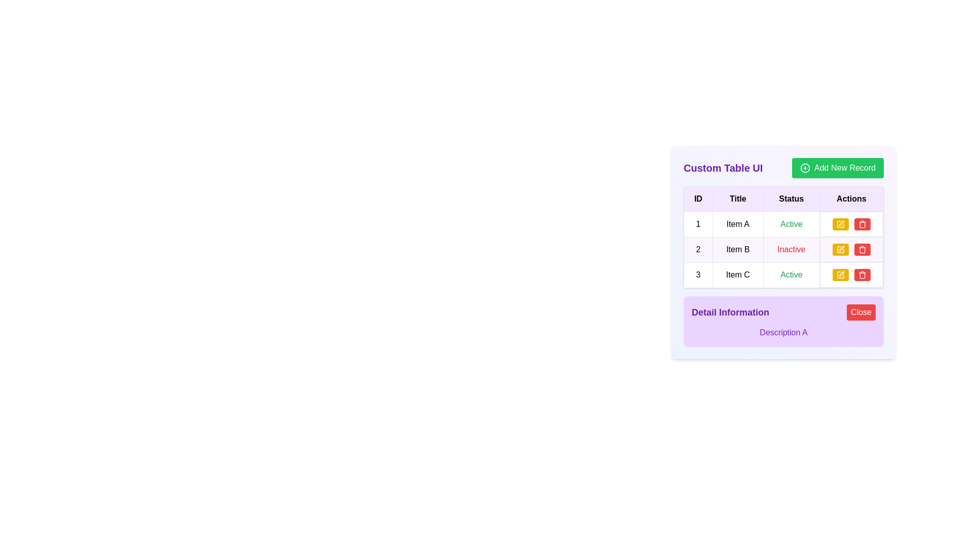 The image size is (973, 547). Describe the element at coordinates (862, 250) in the screenshot. I see `the trash icon within the 'Actions' column of the second row corresponding to 'Item B'` at that location.